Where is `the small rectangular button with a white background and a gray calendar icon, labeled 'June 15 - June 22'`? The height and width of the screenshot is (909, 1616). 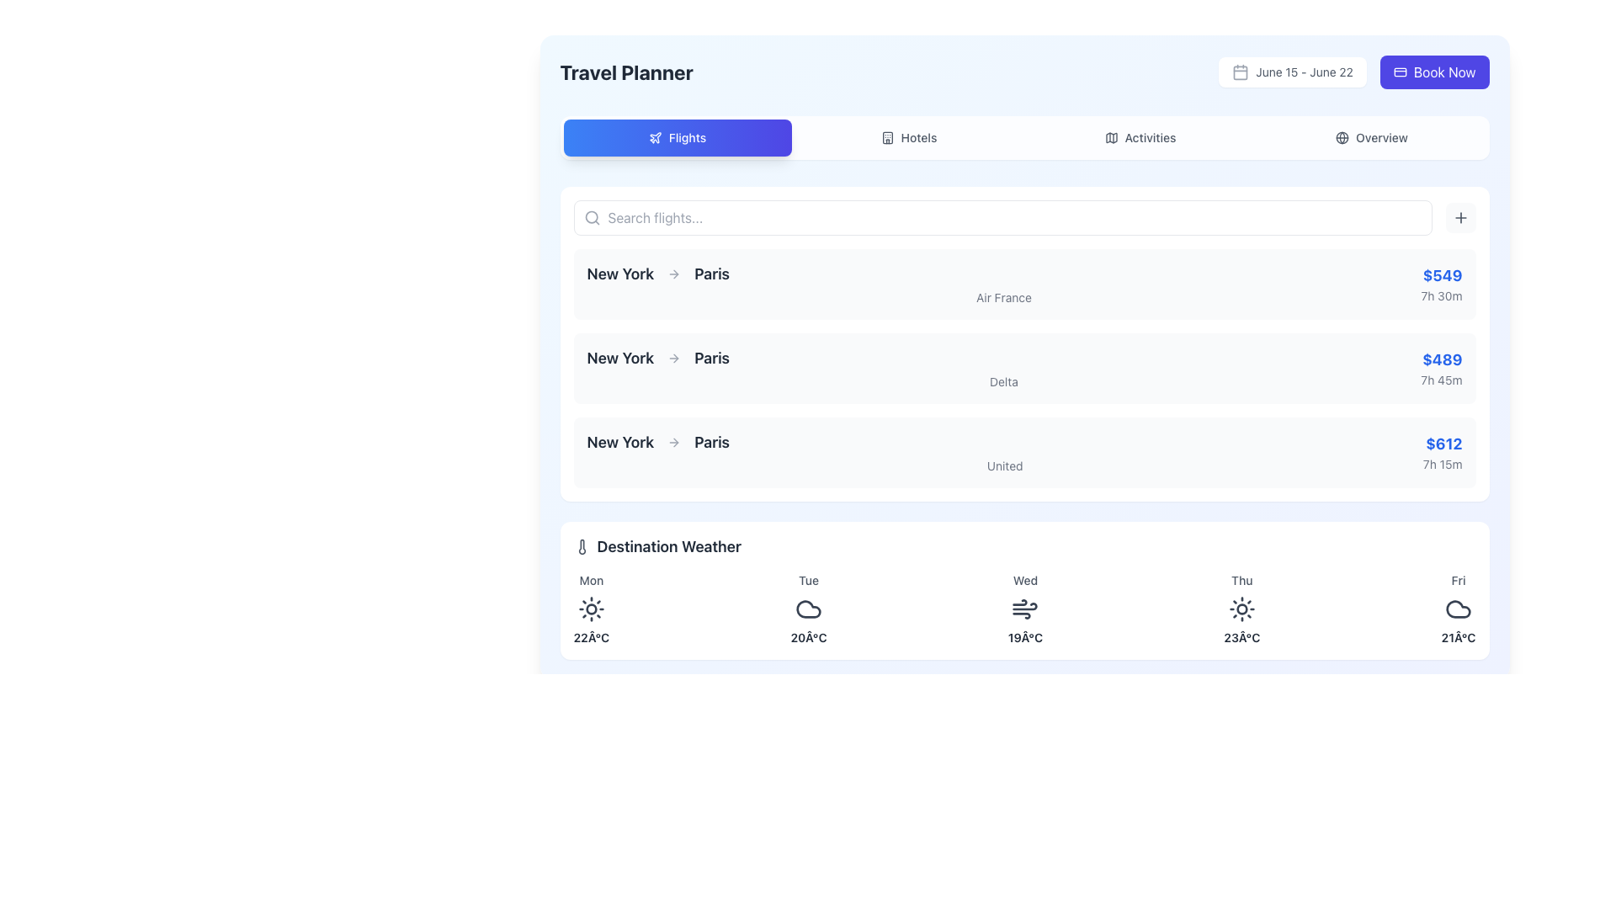 the small rectangular button with a white background and a gray calendar icon, labeled 'June 15 - June 22' is located at coordinates (1292, 71).